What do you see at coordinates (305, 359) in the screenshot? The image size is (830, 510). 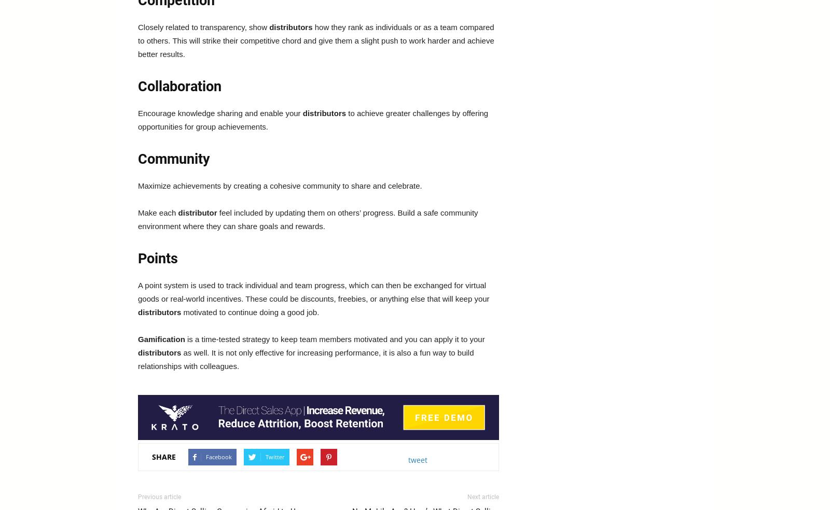 I see `'as well. It is not only effective for increasing performance, it is also a fun way to build relationships with colleagues.'` at bounding box center [305, 359].